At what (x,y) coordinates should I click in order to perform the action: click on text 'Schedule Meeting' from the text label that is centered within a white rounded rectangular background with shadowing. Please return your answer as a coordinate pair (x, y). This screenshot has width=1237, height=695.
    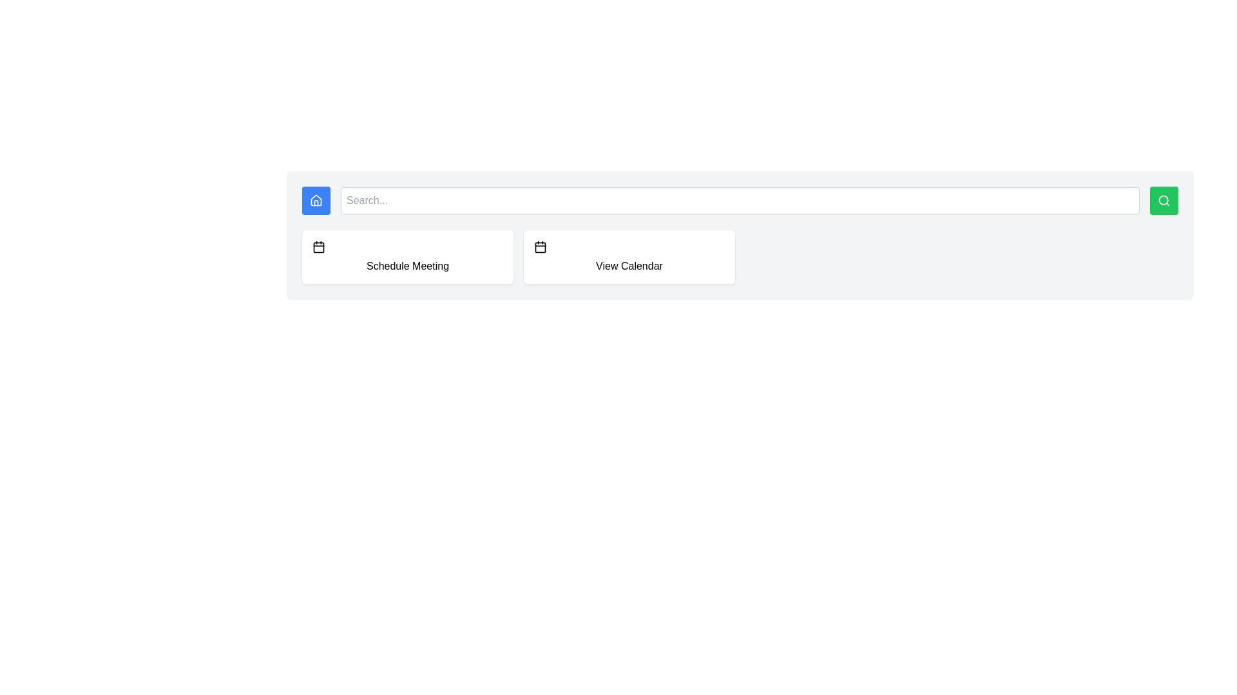
    Looking at the image, I should click on (407, 265).